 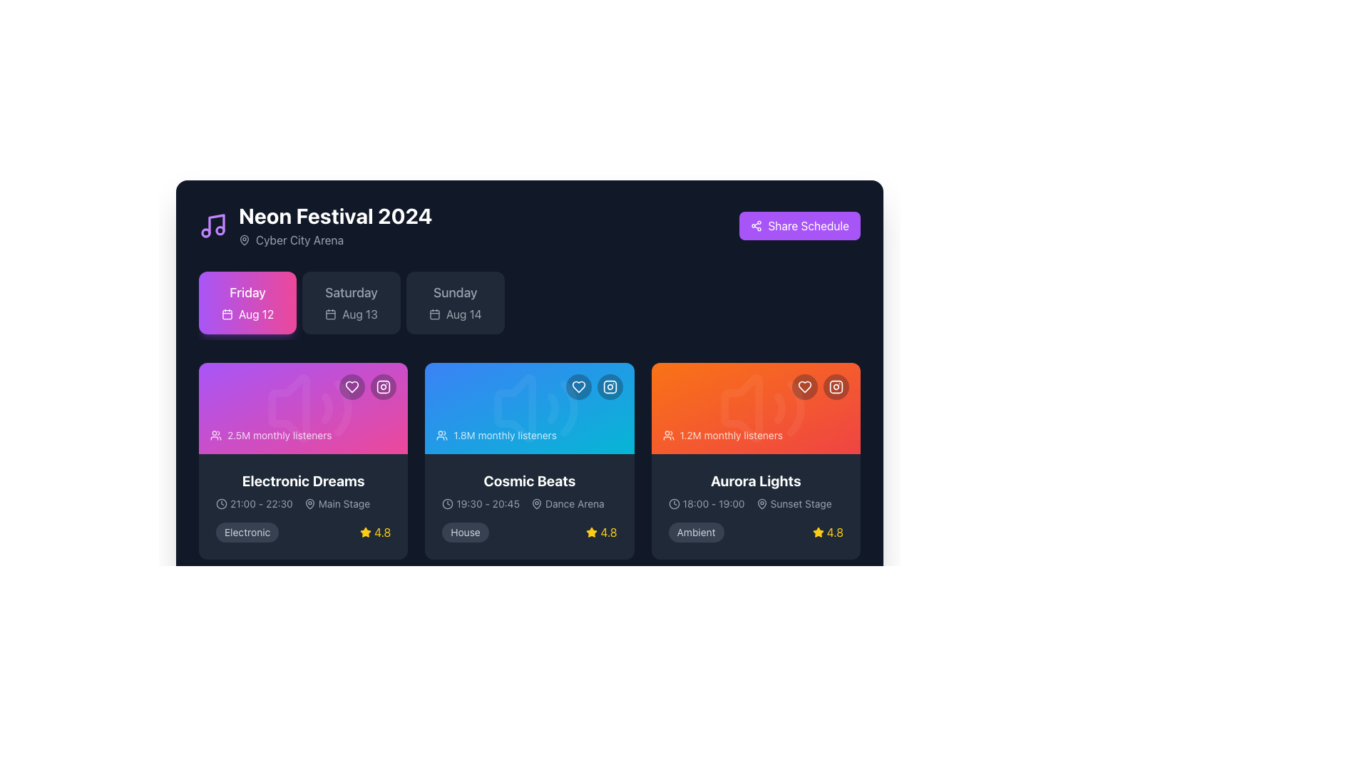 I want to click on the clickable button in the top-right corner of the 'Aurora Lights' orange card, so click(x=836, y=387).